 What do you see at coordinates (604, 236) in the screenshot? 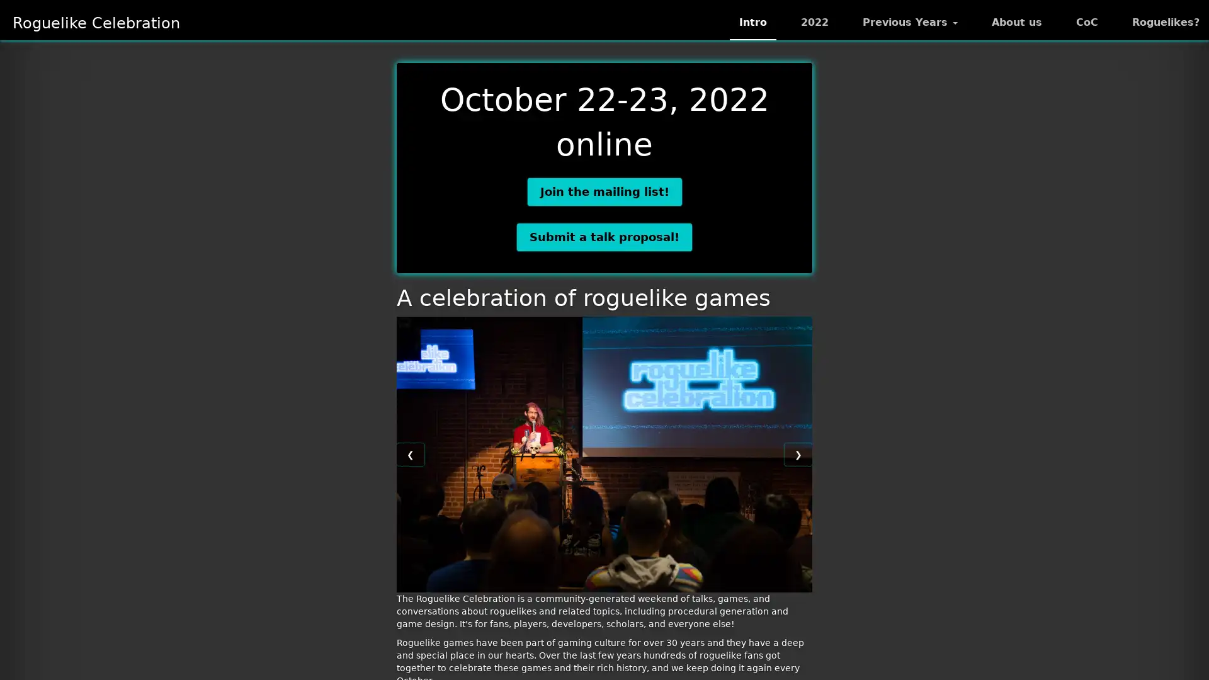
I see `Submit a talk proposal!` at bounding box center [604, 236].